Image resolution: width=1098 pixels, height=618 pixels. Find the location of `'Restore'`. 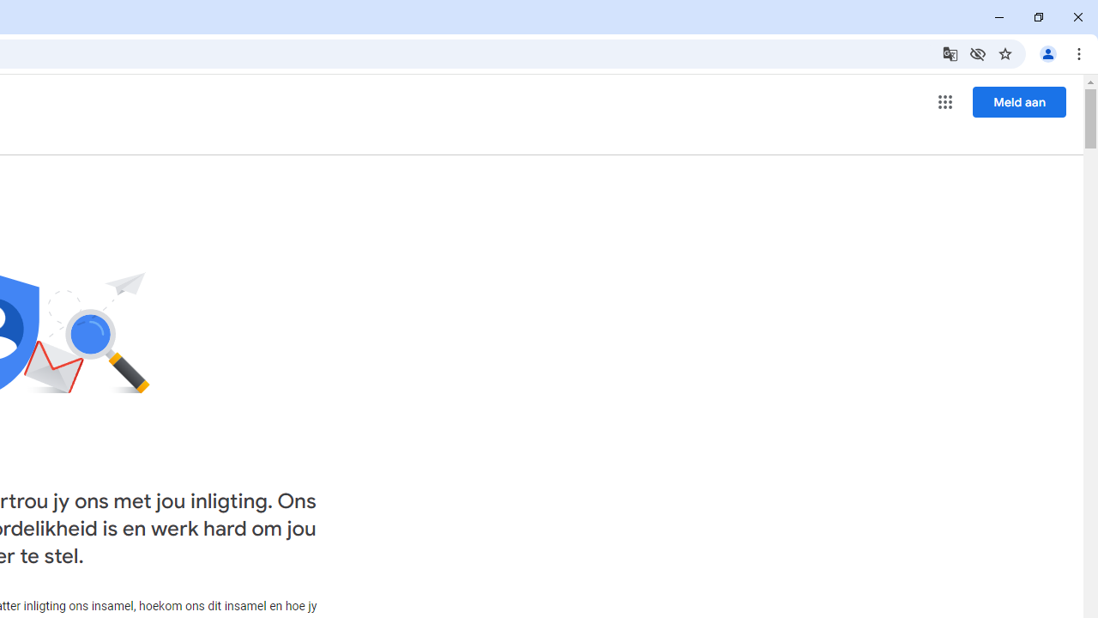

'Restore' is located at coordinates (1037, 17).